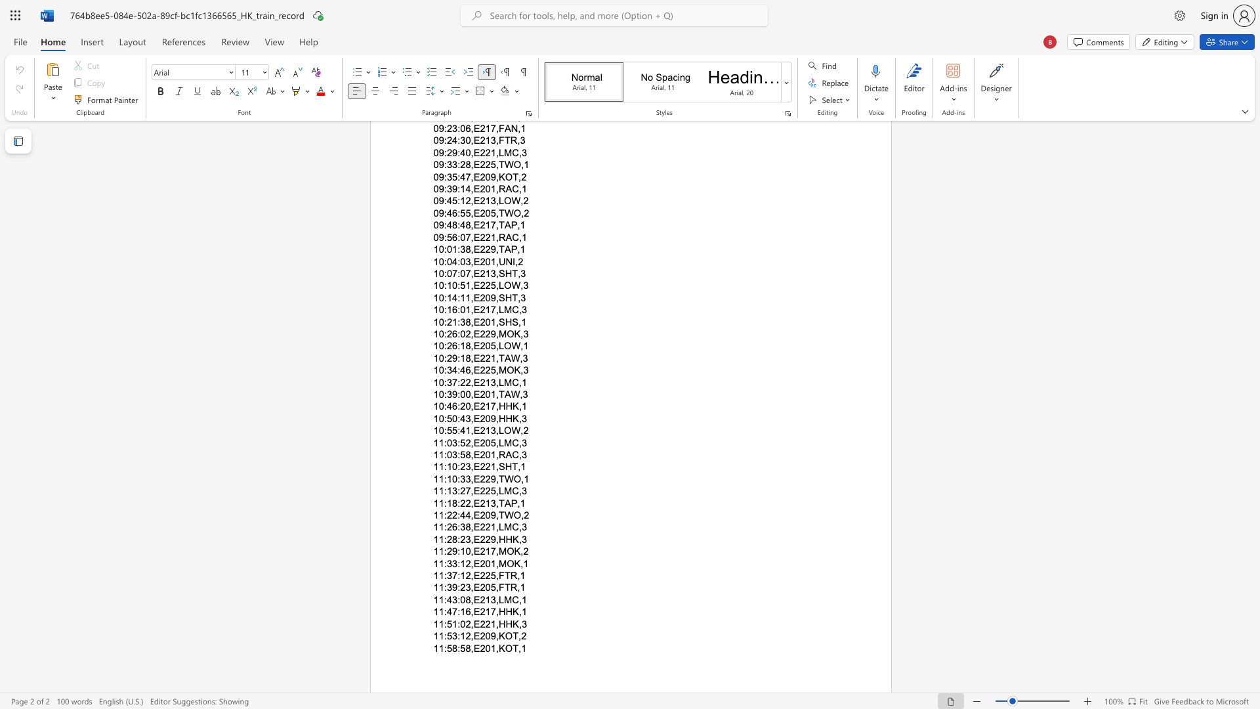 The image size is (1260, 709). I want to click on the space between the continuous character "2" and "0" in the text, so click(484, 563).